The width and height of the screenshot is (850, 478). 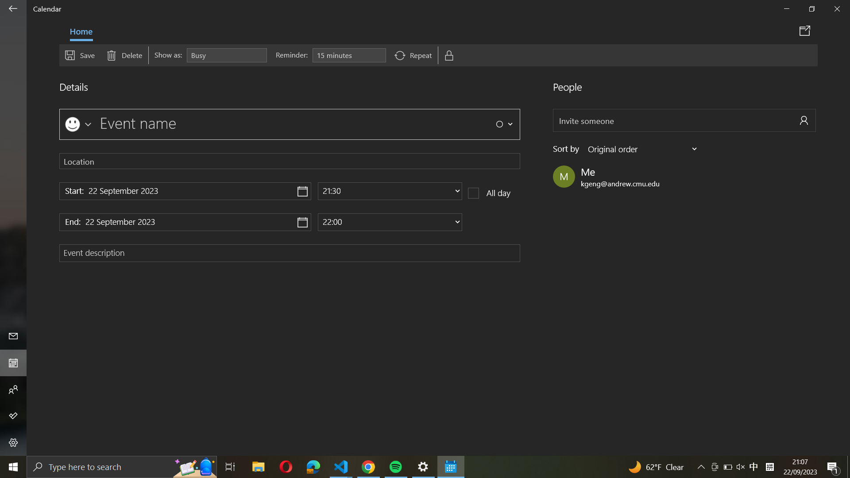 I want to click on Update the event"s start date to "22 December 2020", so click(x=185, y=191).